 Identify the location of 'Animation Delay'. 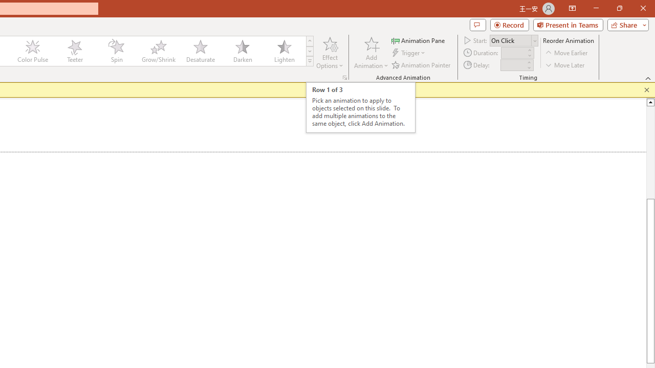
(513, 65).